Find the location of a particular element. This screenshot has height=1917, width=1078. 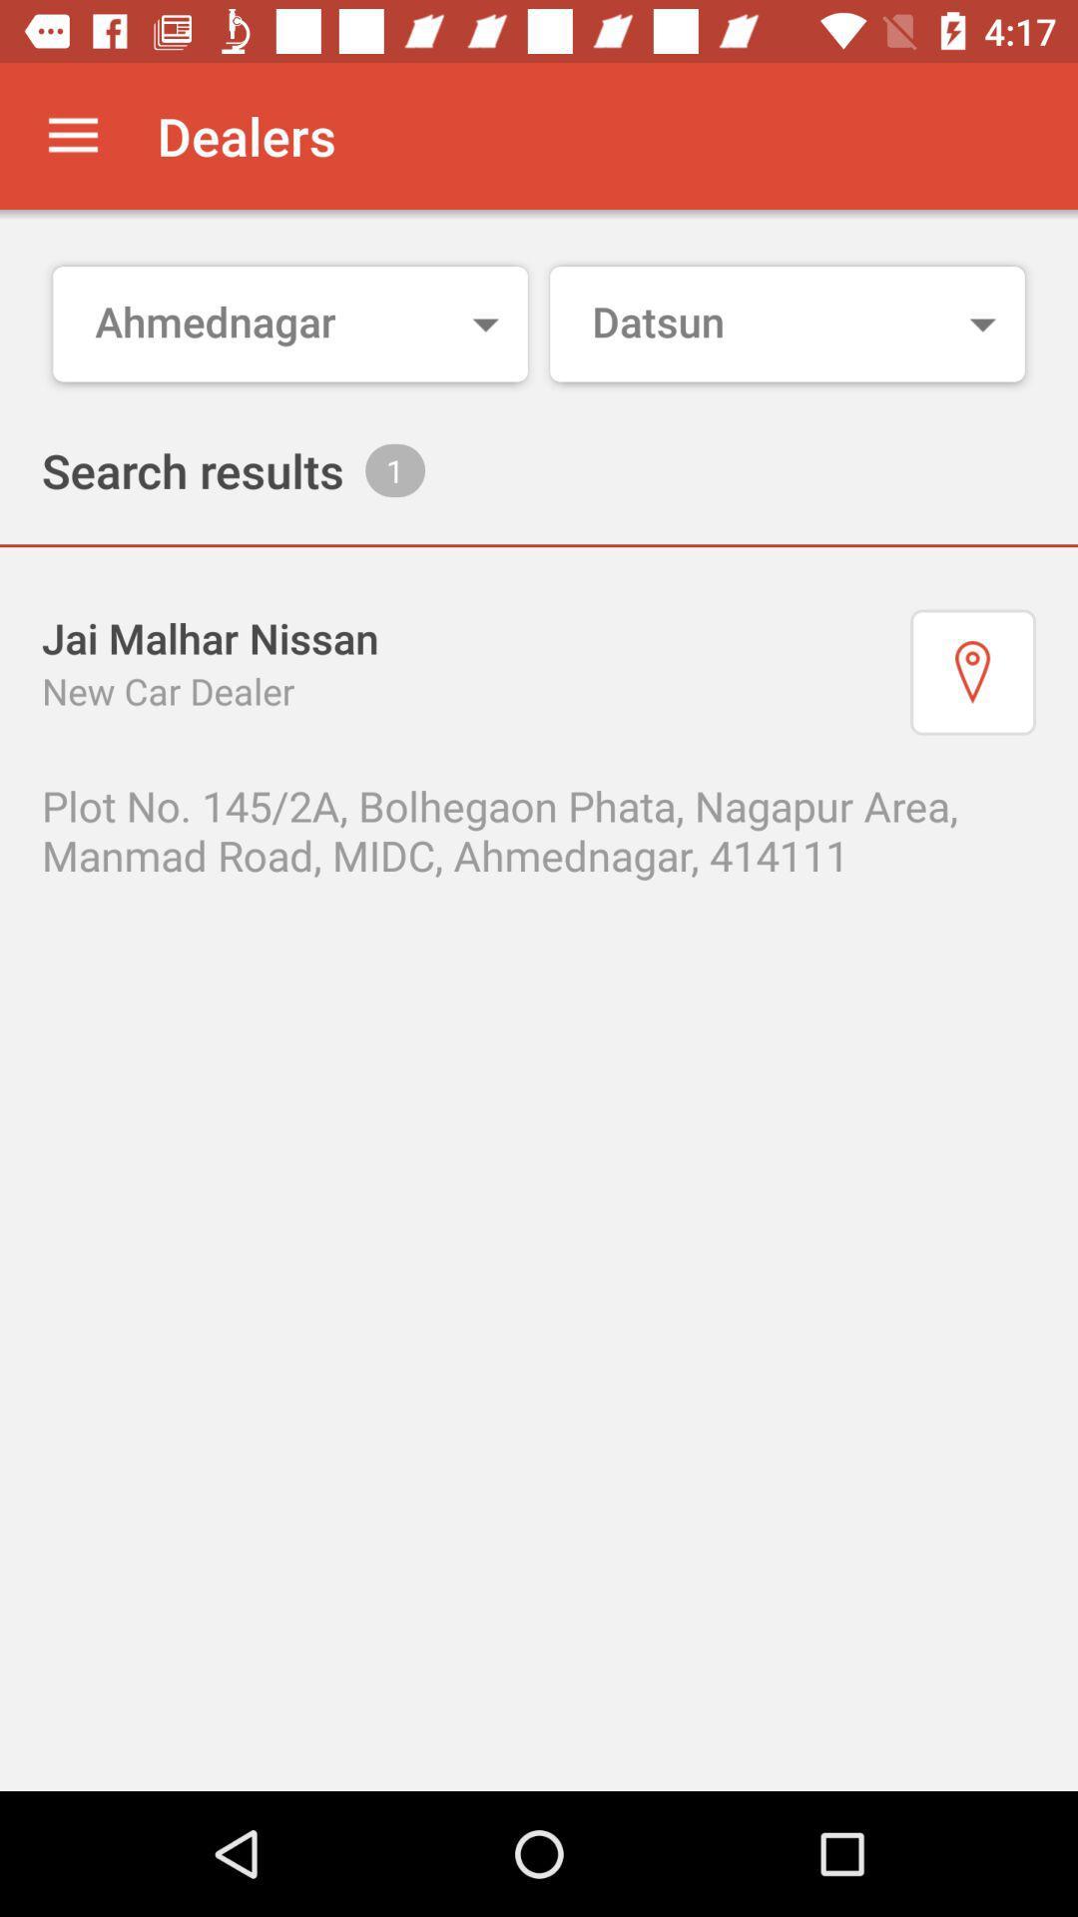

show location is located at coordinates (972, 672).